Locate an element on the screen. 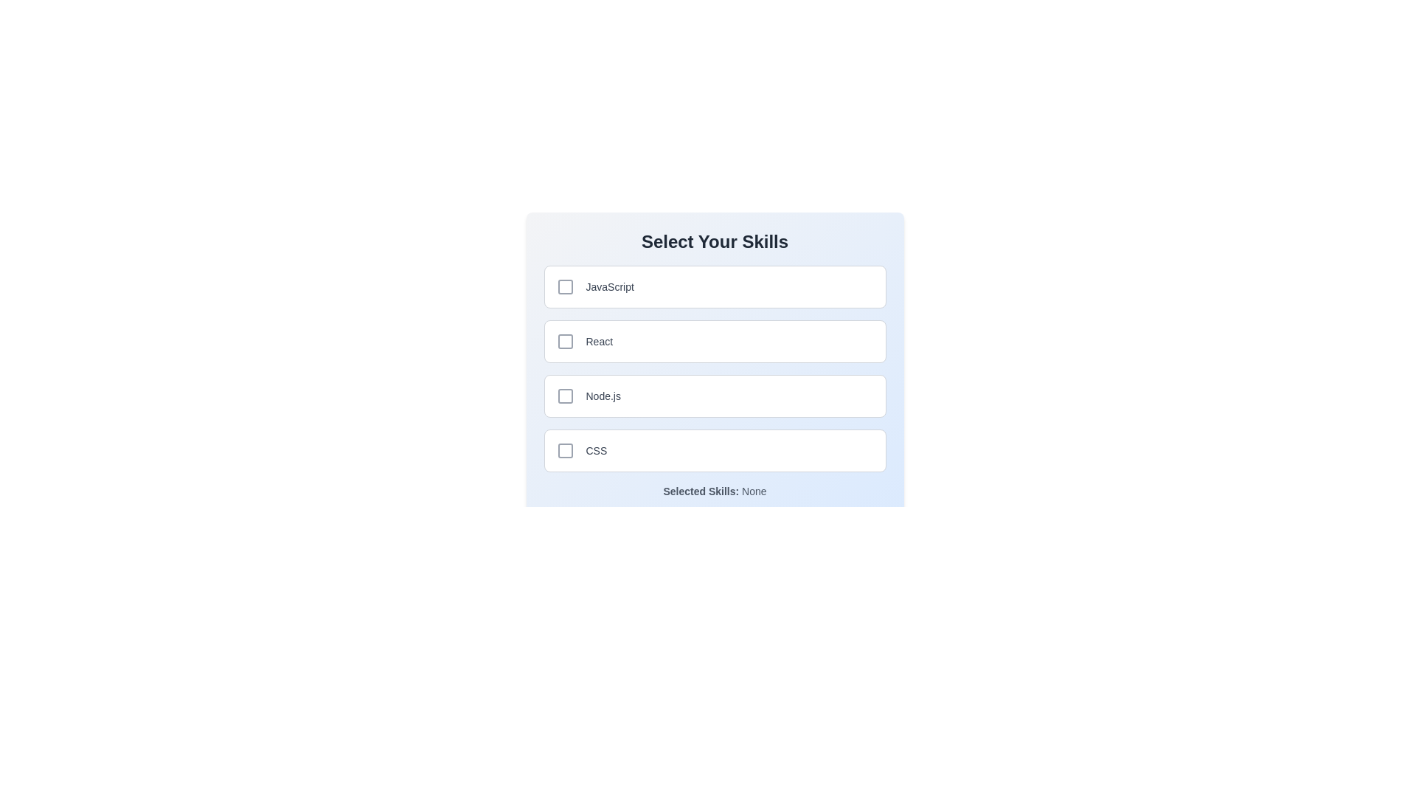 The image size is (1416, 797). the 'Node.js' checkbox option is located at coordinates (715, 395).